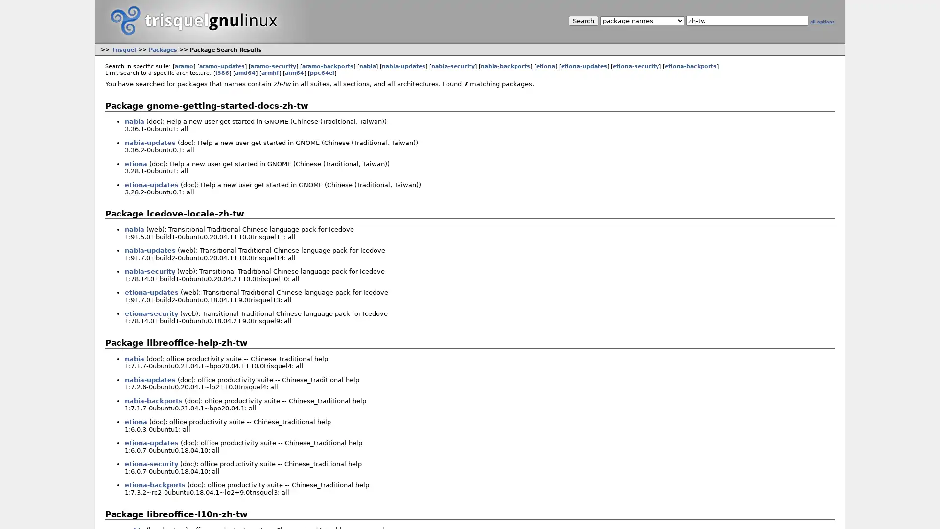 This screenshot has width=940, height=529. Describe the element at coordinates (583, 21) in the screenshot. I see `Search` at that location.